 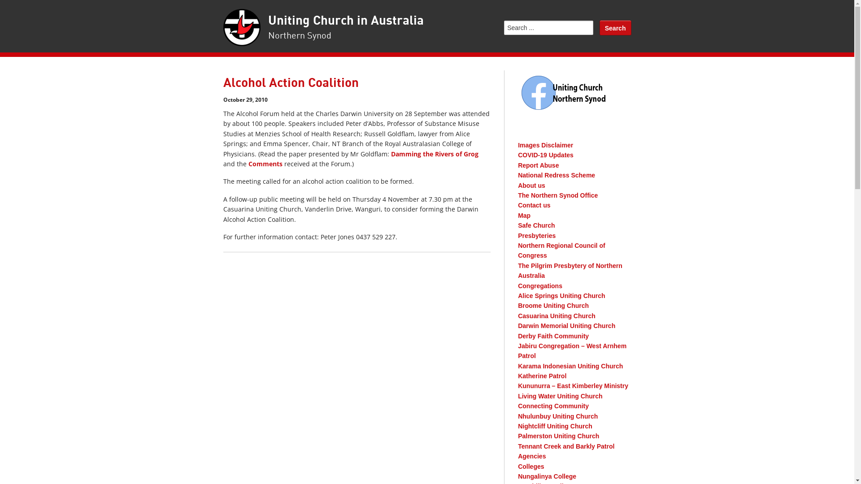 What do you see at coordinates (557, 416) in the screenshot?
I see `'Nhulunbuy Uniting Church'` at bounding box center [557, 416].